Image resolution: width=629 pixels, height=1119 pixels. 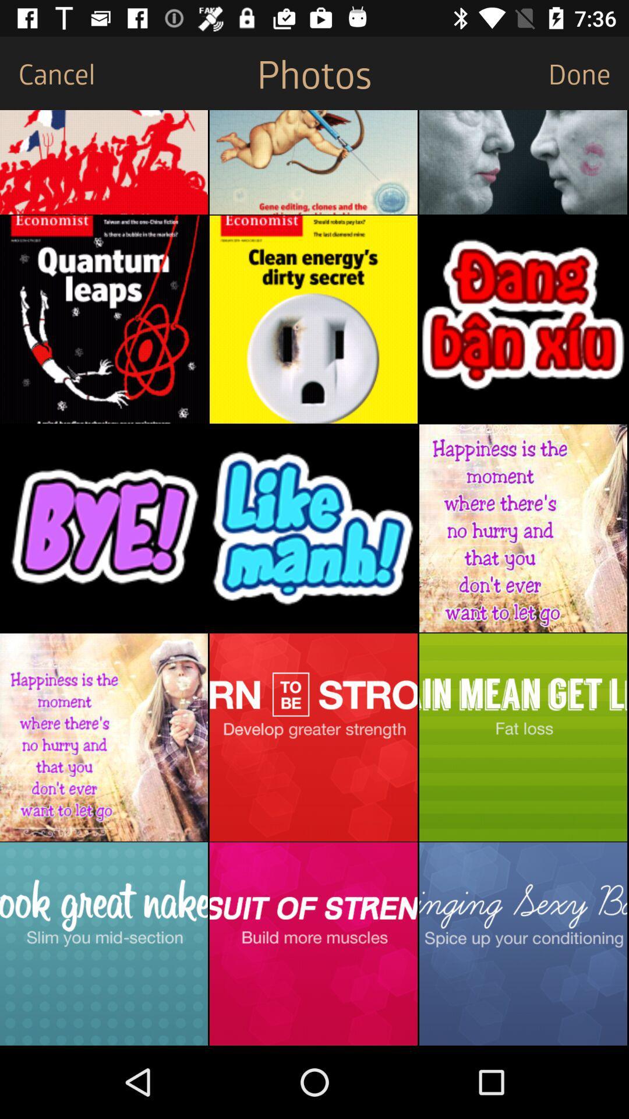 What do you see at coordinates (522, 319) in the screenshot?
I see `click image` at bounding box center [522, 319].